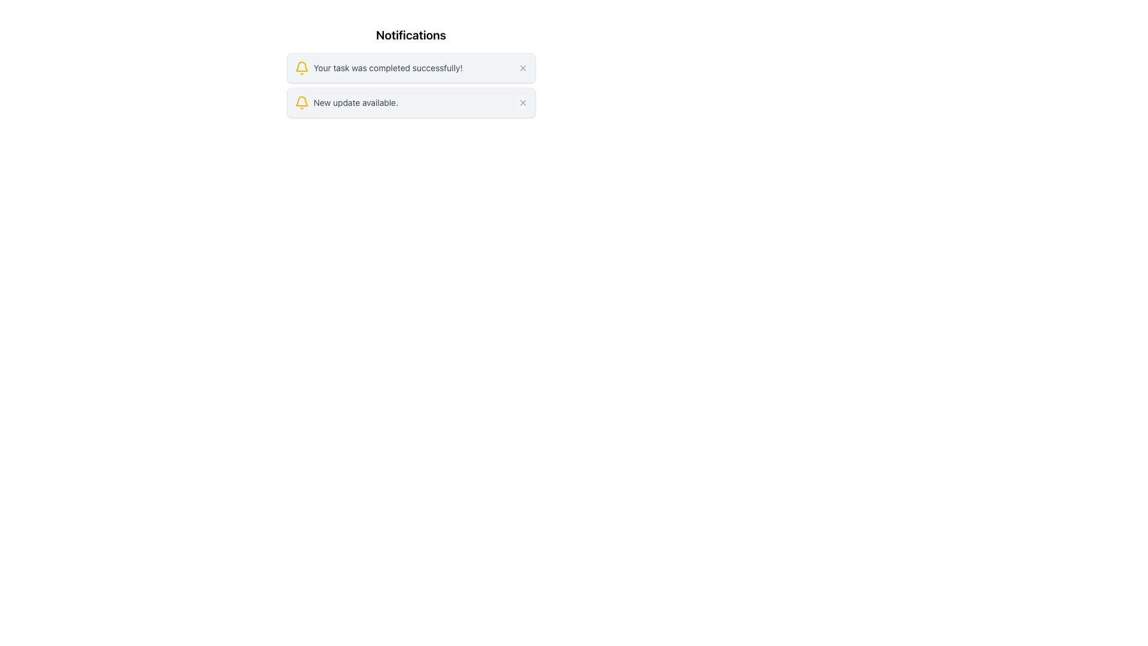 Image resolution: width=1148 pixels, height=646 pixels. I want to click on the text notification label that informs the user of new update availability, which is centrally located below the first notification in the grouped section of notifications, so click(346, 102).